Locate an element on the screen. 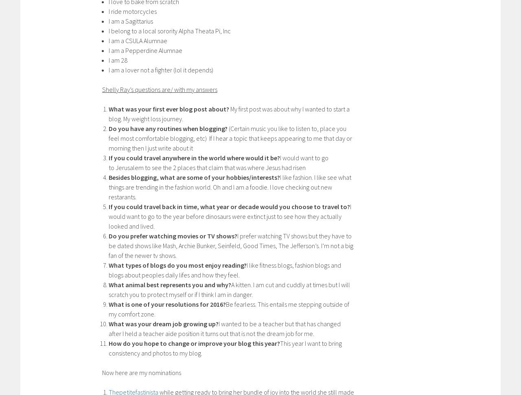  'Now here are my nominations' is located at coordinates (102, 372).